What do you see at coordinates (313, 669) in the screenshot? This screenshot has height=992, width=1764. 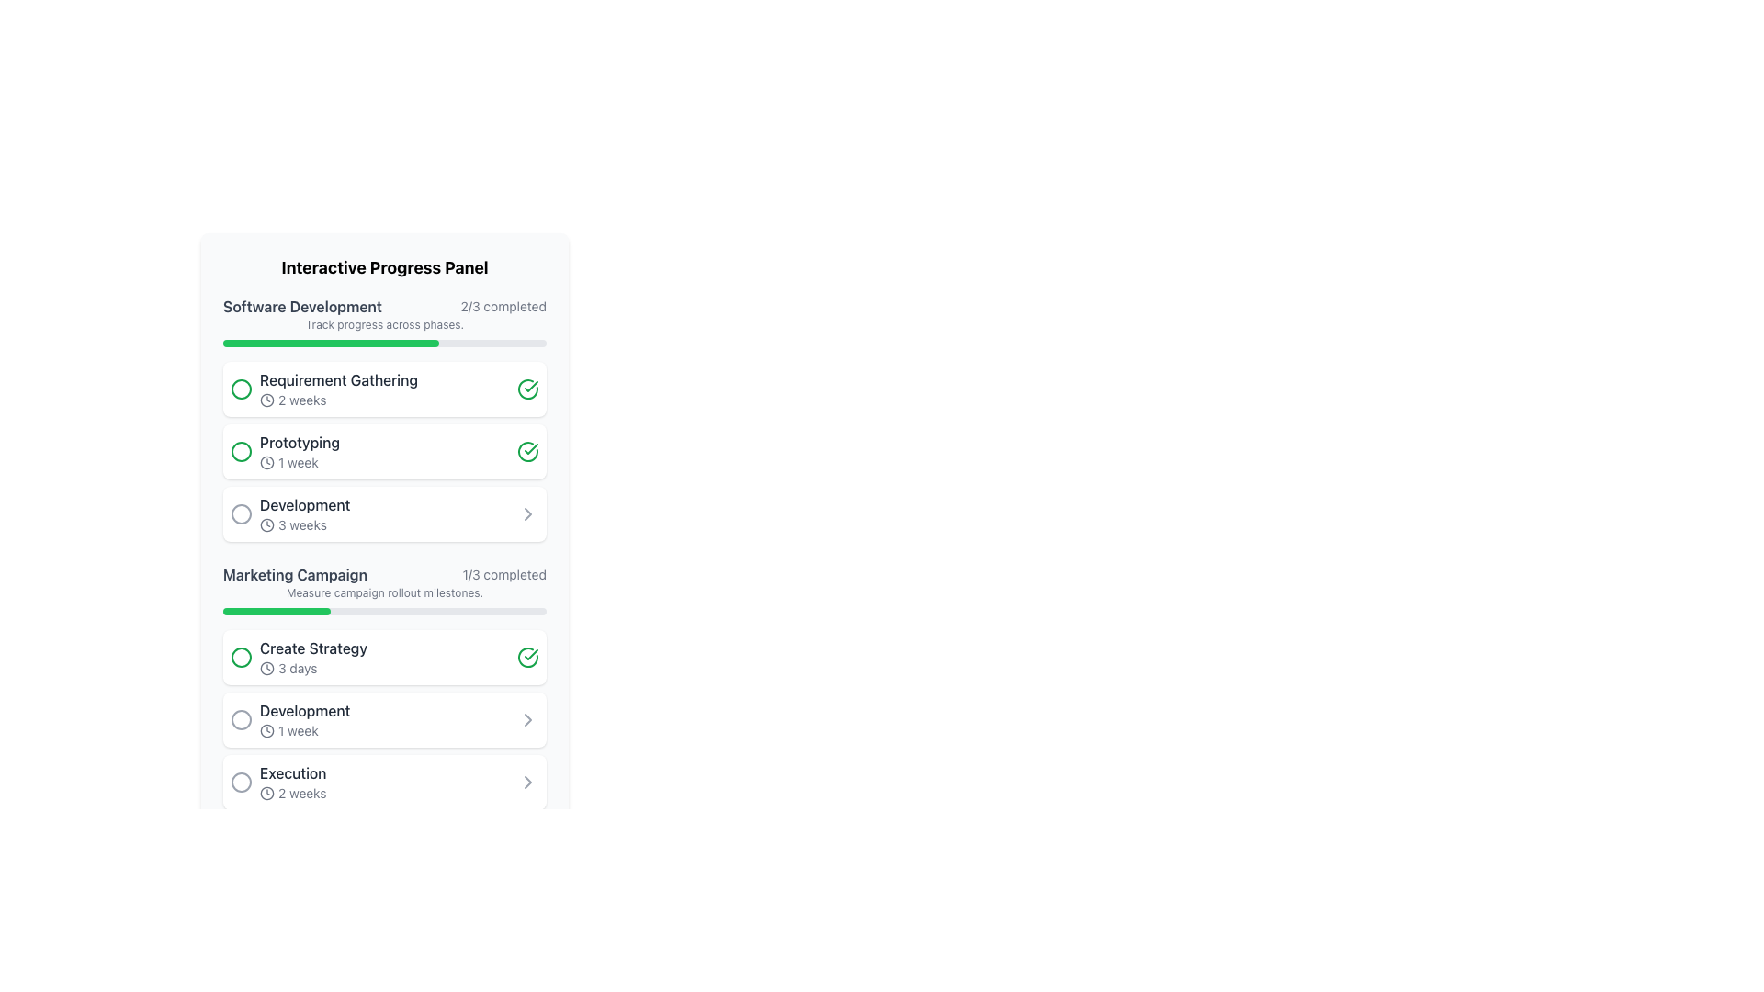 I see `the text label displaying '3 days' with a clock icon` at bounding box center [313, 669].